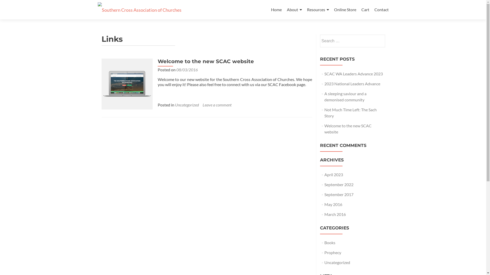  I want to click on 'Books', so click(330, 242).